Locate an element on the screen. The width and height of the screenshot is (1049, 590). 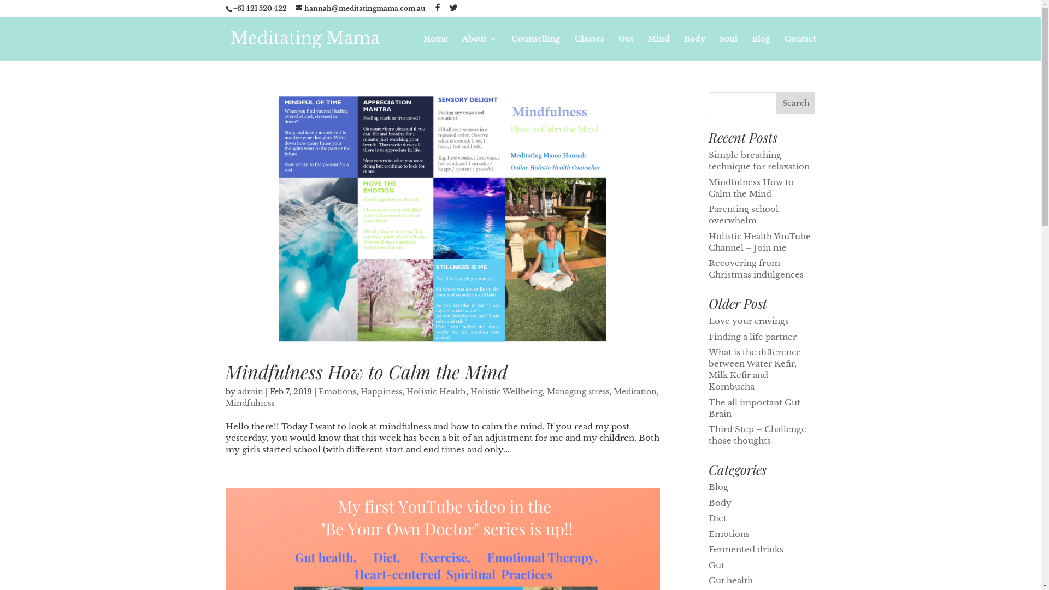
'Fermented drinks' is located at coordinates (745, 549).